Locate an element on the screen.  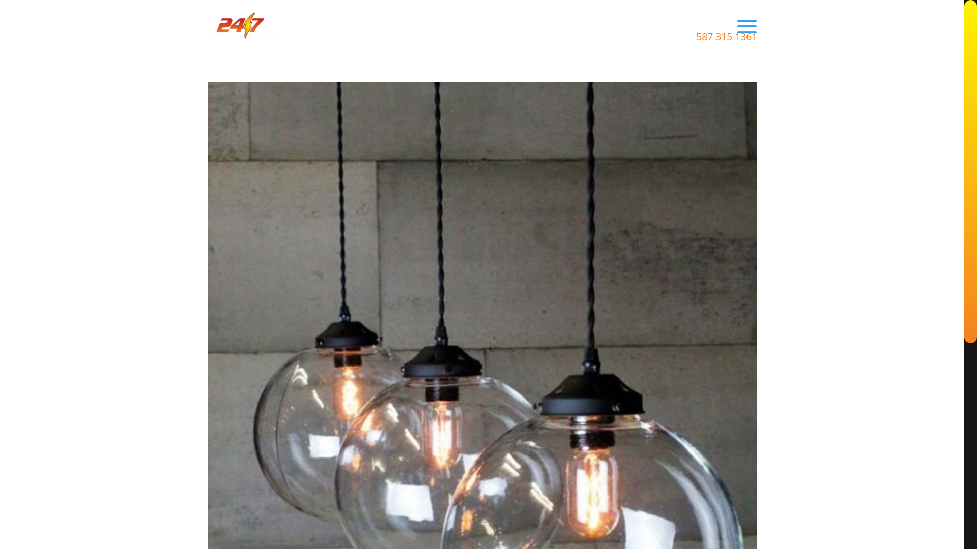
'587 315 1361' is located at coordinates (726, 36).